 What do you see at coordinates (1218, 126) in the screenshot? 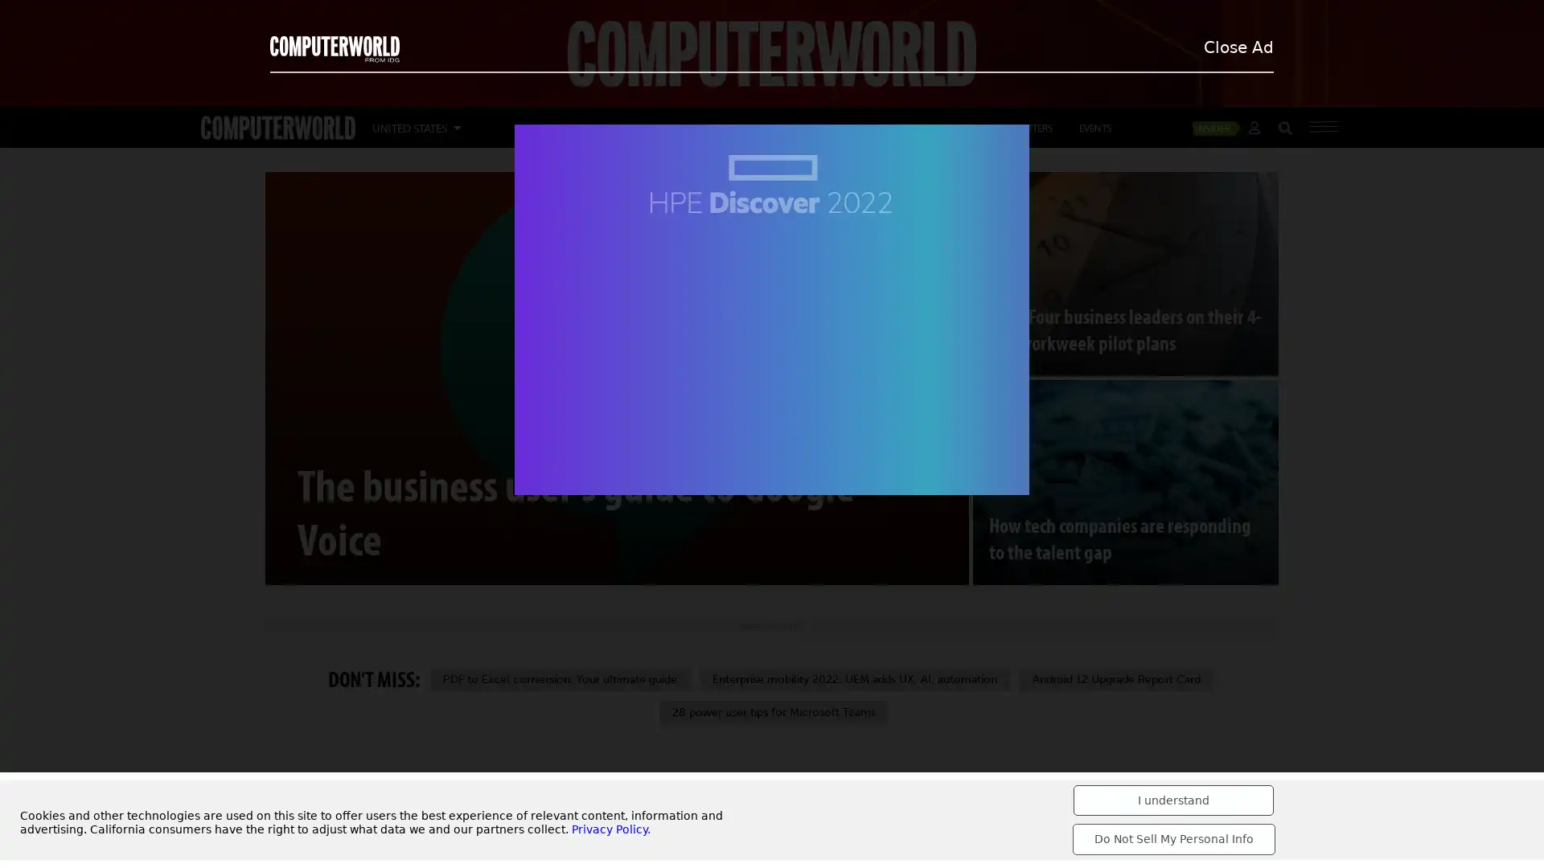
I see `Insider content` at bounding box center [1218, 126].